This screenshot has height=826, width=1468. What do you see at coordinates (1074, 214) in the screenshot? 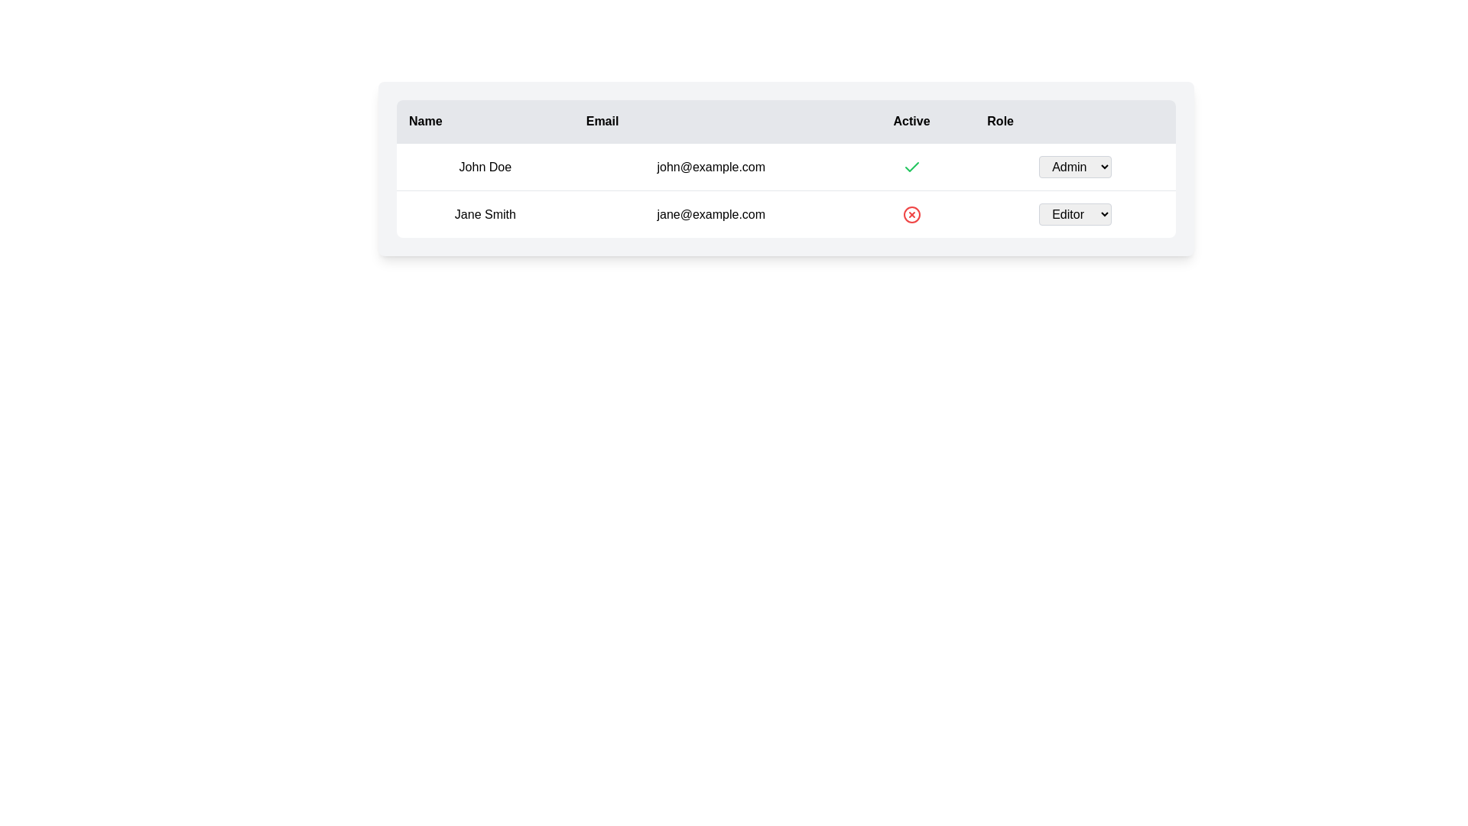
I see `the dropdown menu located in the 'Role' column of the second row of the table` at bounding box center [1074, 214].